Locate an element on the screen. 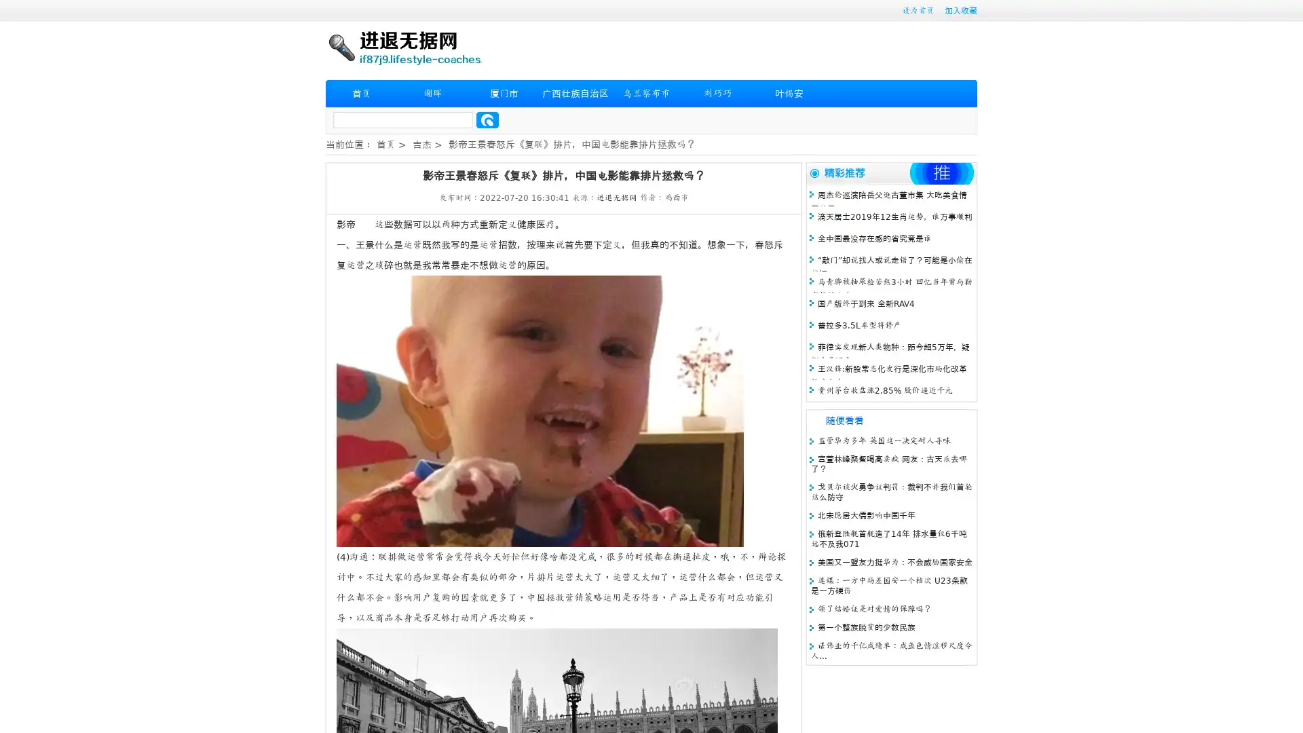 The height and width of the screenshot is (733, 1303). Search is located at coordinates (487, 119).